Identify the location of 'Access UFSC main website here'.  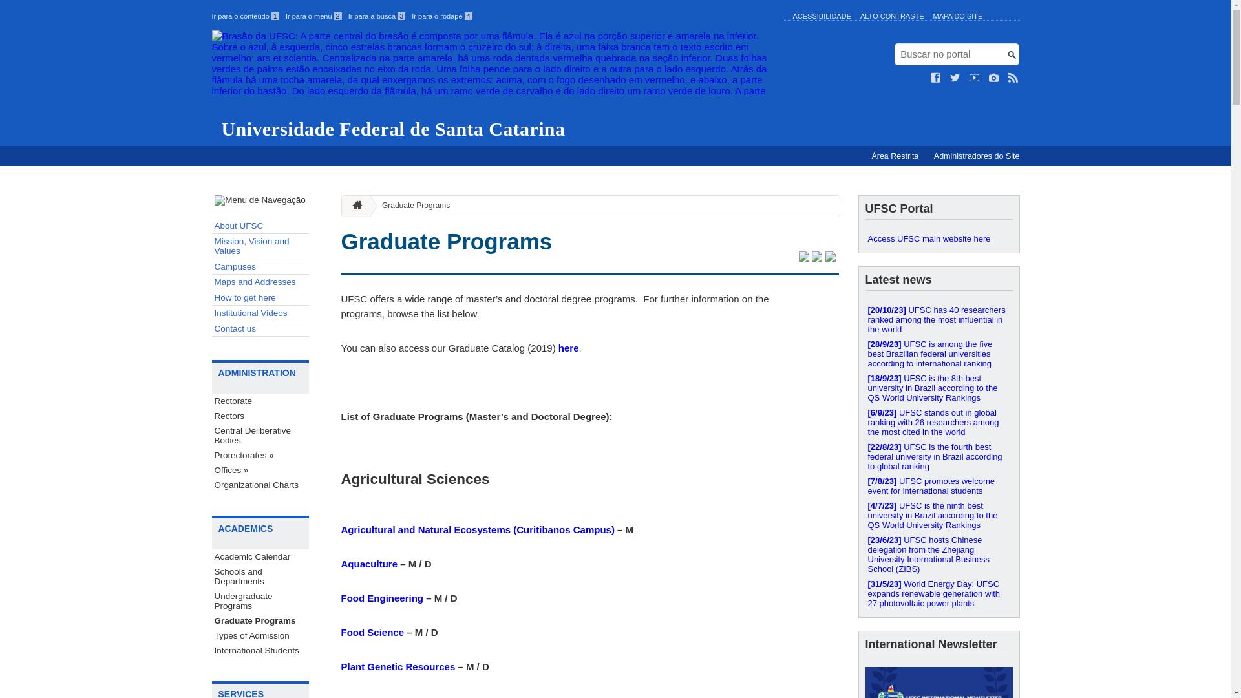
(939, 238).